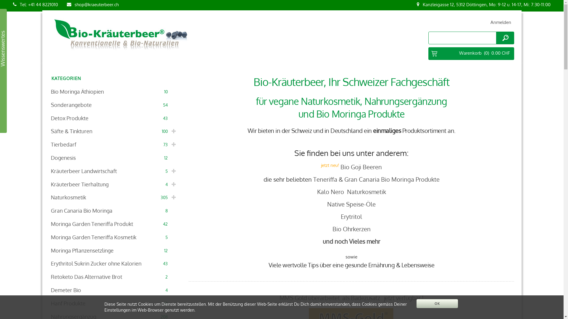  Describe the element at coordinates (114, 277) in the screenshot. I see `'Retoketo Das Alternative Brot` at that location.